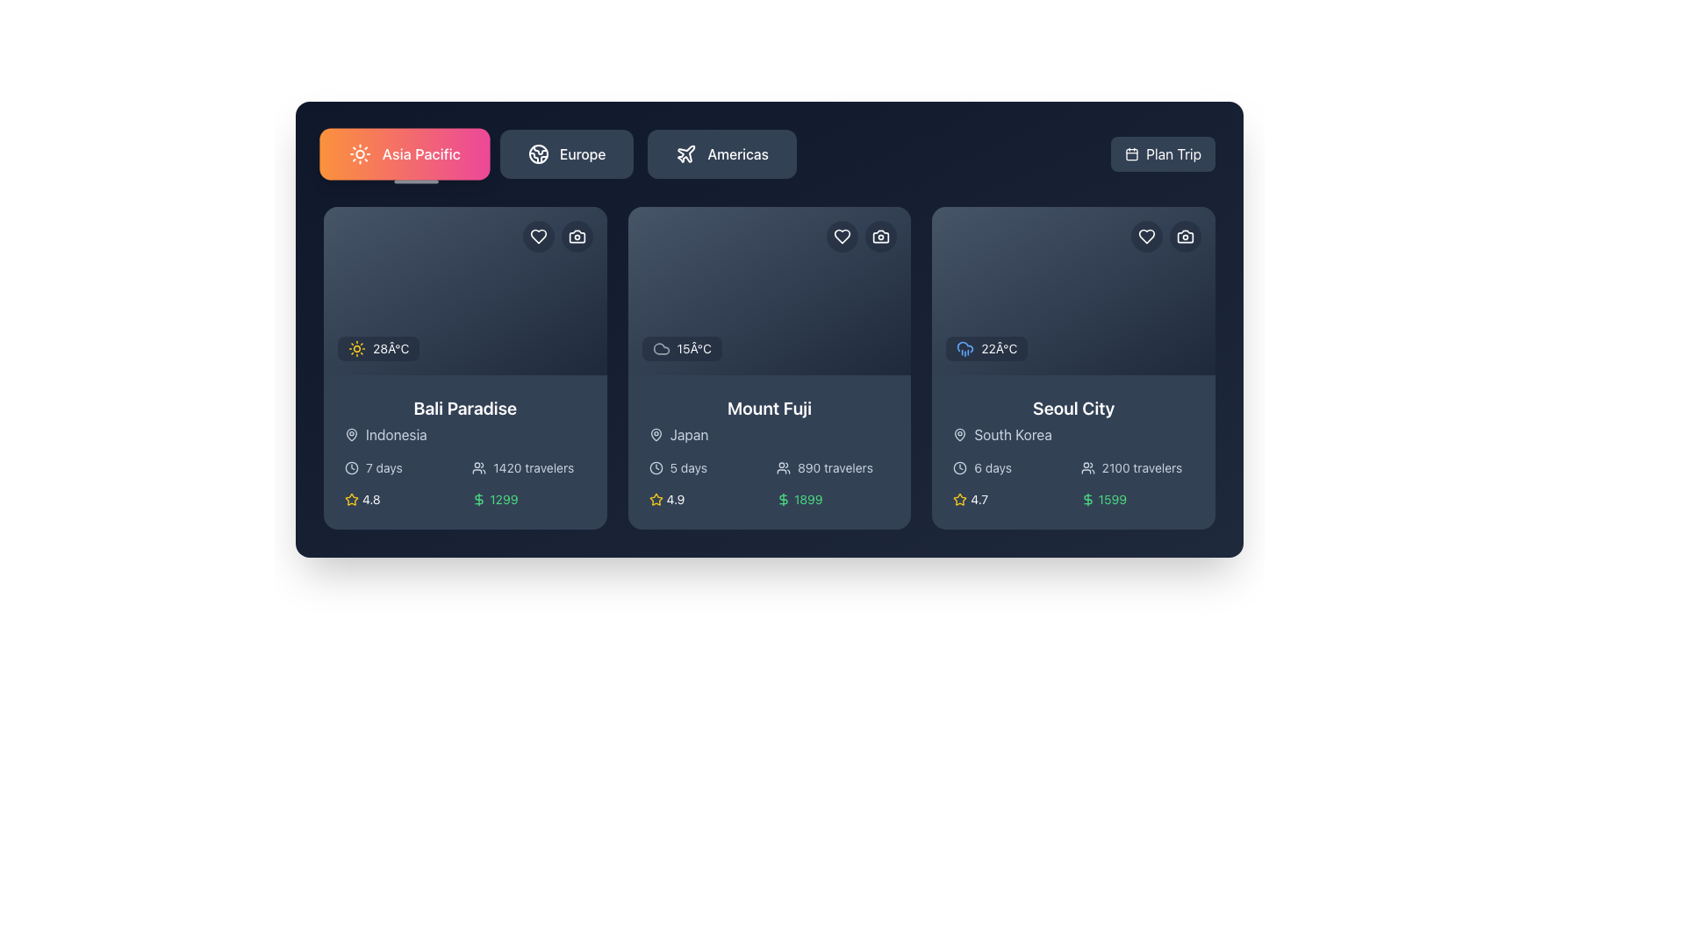 The width and height of the screenshot is (1685, 947). I want to click on the navigation button for the Americas, which is the third button in a horizontal group of three buttons at the top of the central interface section, so click(722, 153).